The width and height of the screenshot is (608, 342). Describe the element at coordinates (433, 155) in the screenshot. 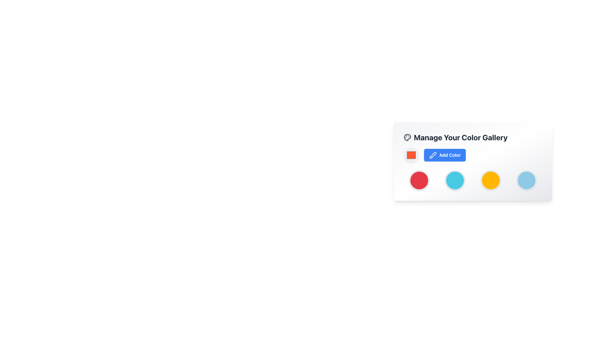

I see `the decorative icon representing the concept of adding or editing colors, located to the left of the 'Add Color' text within the blue button in the 'Manage Your Color Gallery' section` at that location.